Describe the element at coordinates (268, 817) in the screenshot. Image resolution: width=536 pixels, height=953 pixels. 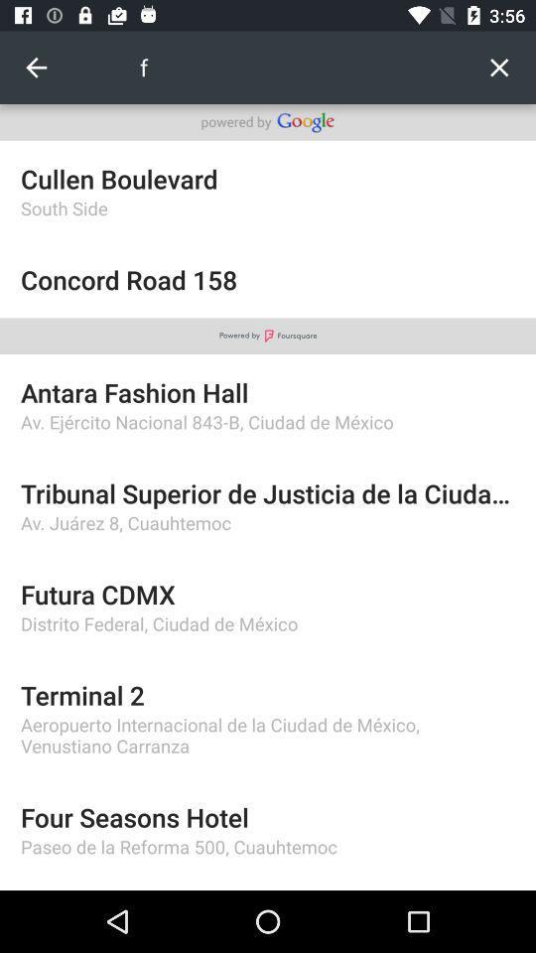
I see `the icon above the paseo de la icon` at that location.